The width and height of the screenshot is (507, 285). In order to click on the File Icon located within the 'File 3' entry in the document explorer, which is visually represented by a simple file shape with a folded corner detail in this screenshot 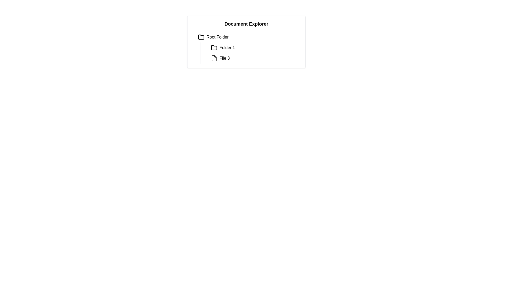, I will do `click(214, 58)`.